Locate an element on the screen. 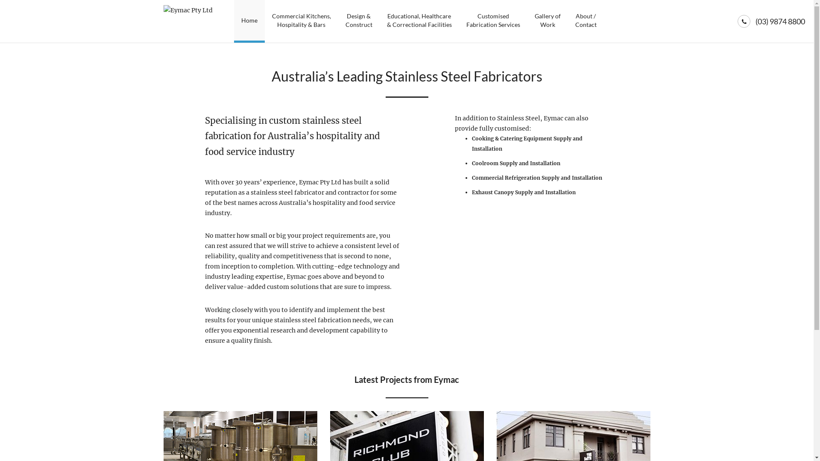  'Commercial Kitchens, is located at coordinates (301, 21).